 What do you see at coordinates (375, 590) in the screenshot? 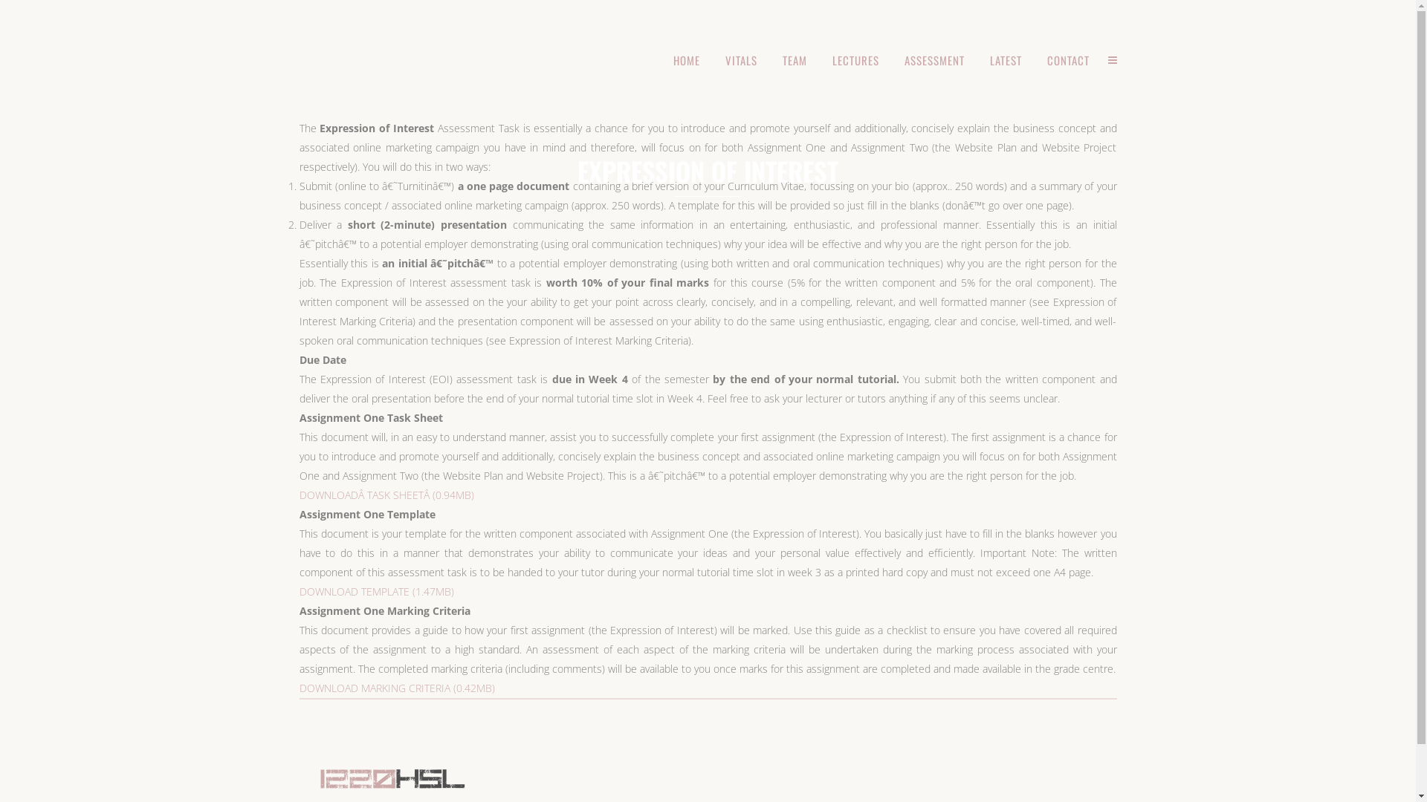
I see `'DOWNLOAD TEMPLATE (1.47MB)'` at bounding box center [375, 590].